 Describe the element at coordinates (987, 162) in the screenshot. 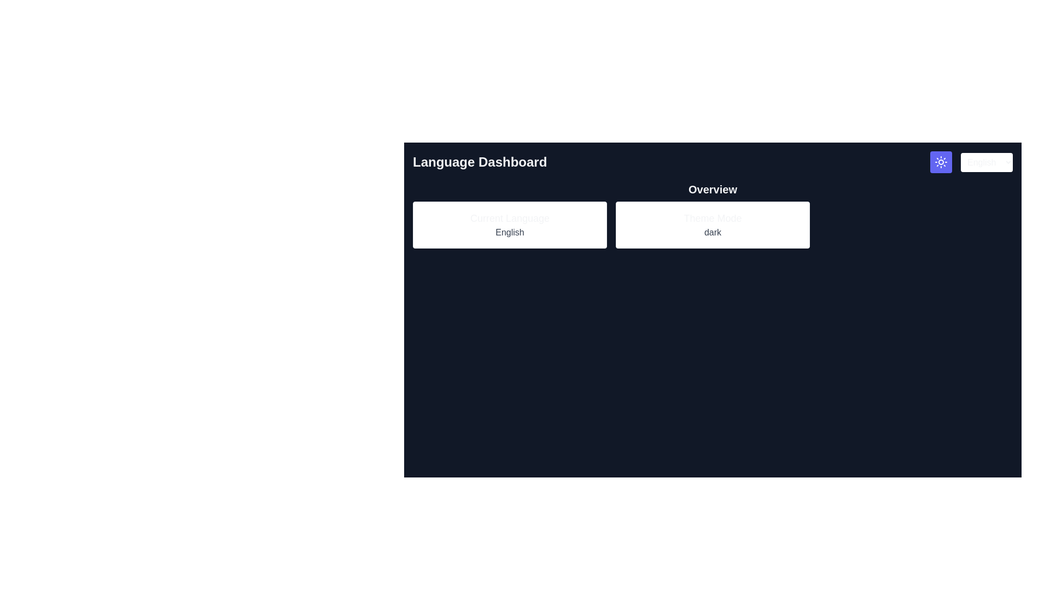

I see `the dropdown menu trigger button labeled 'English' located` at that location.